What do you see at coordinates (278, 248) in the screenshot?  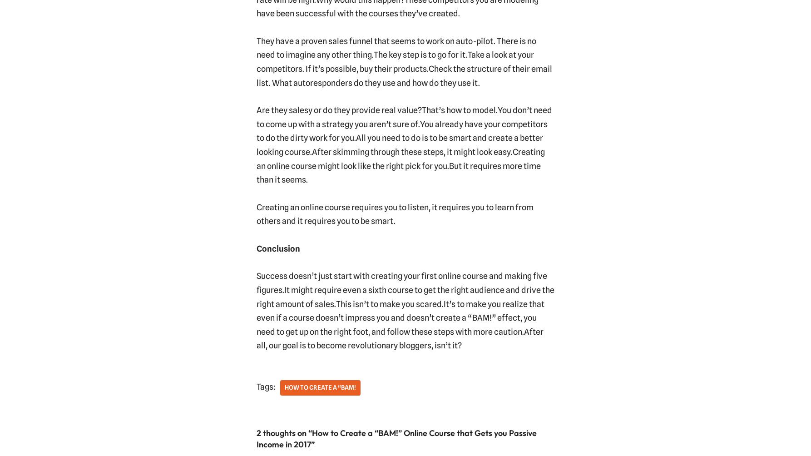 I see `'Conclusion'` at bounding box center [278, 248].